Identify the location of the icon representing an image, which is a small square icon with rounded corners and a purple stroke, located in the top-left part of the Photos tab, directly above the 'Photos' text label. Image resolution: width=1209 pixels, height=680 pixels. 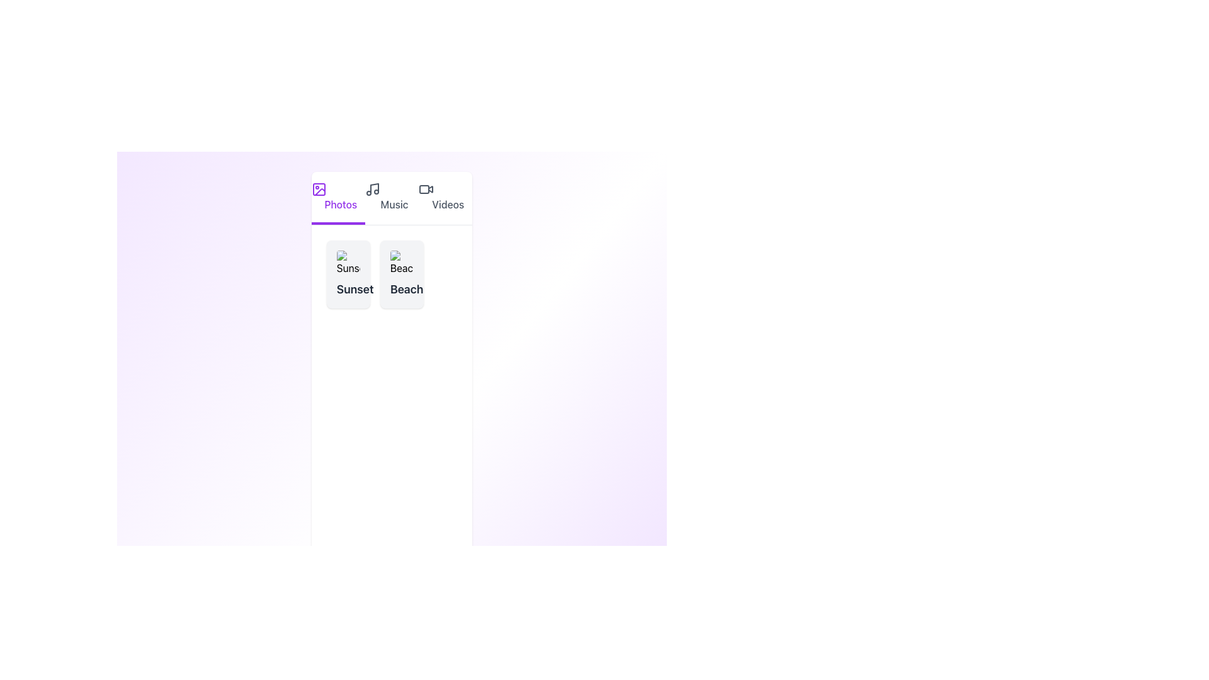
(319, 189).